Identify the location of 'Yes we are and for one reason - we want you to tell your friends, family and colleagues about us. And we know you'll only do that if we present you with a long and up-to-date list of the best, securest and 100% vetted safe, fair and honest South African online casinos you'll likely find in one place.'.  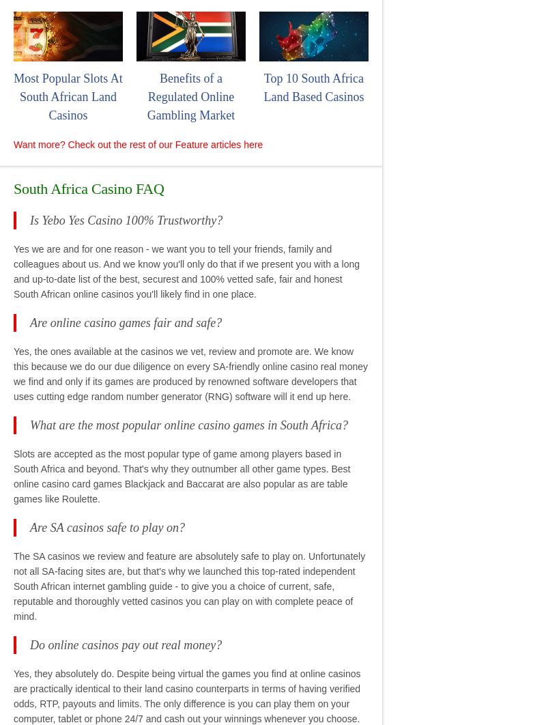
(14, 270).